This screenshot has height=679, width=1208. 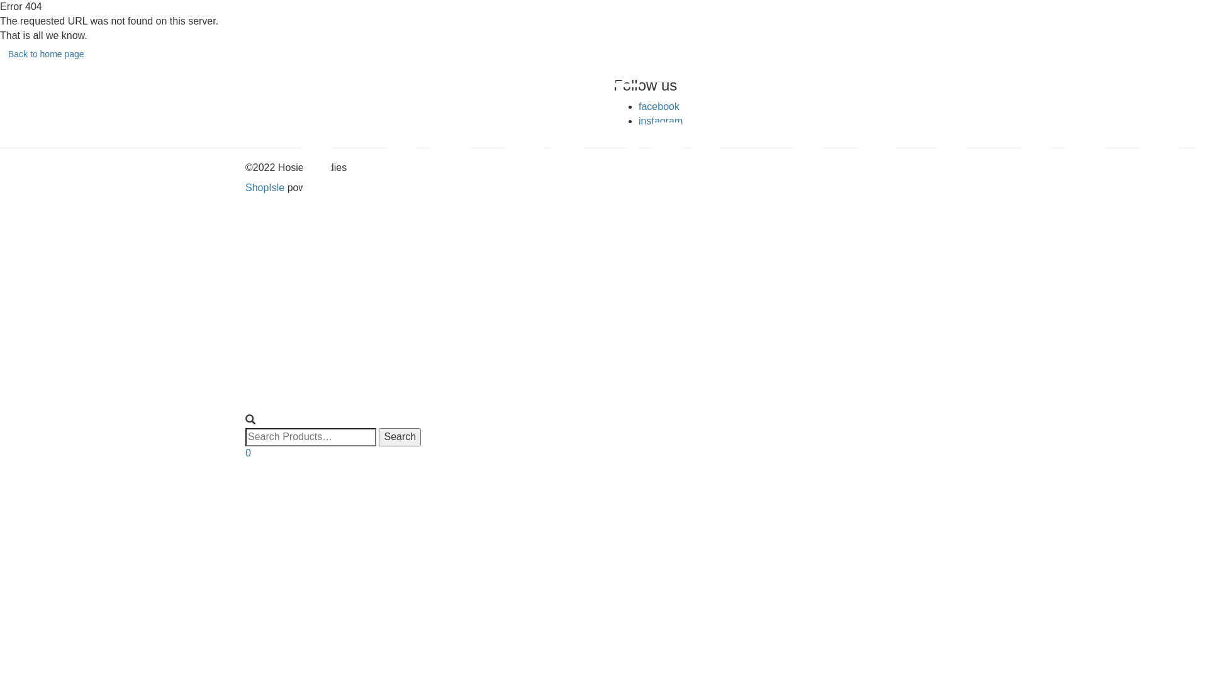 What do you see at coordinates (658, 106) in the screenshot?
I see `'facebook'` at bounding box center [658, 106].